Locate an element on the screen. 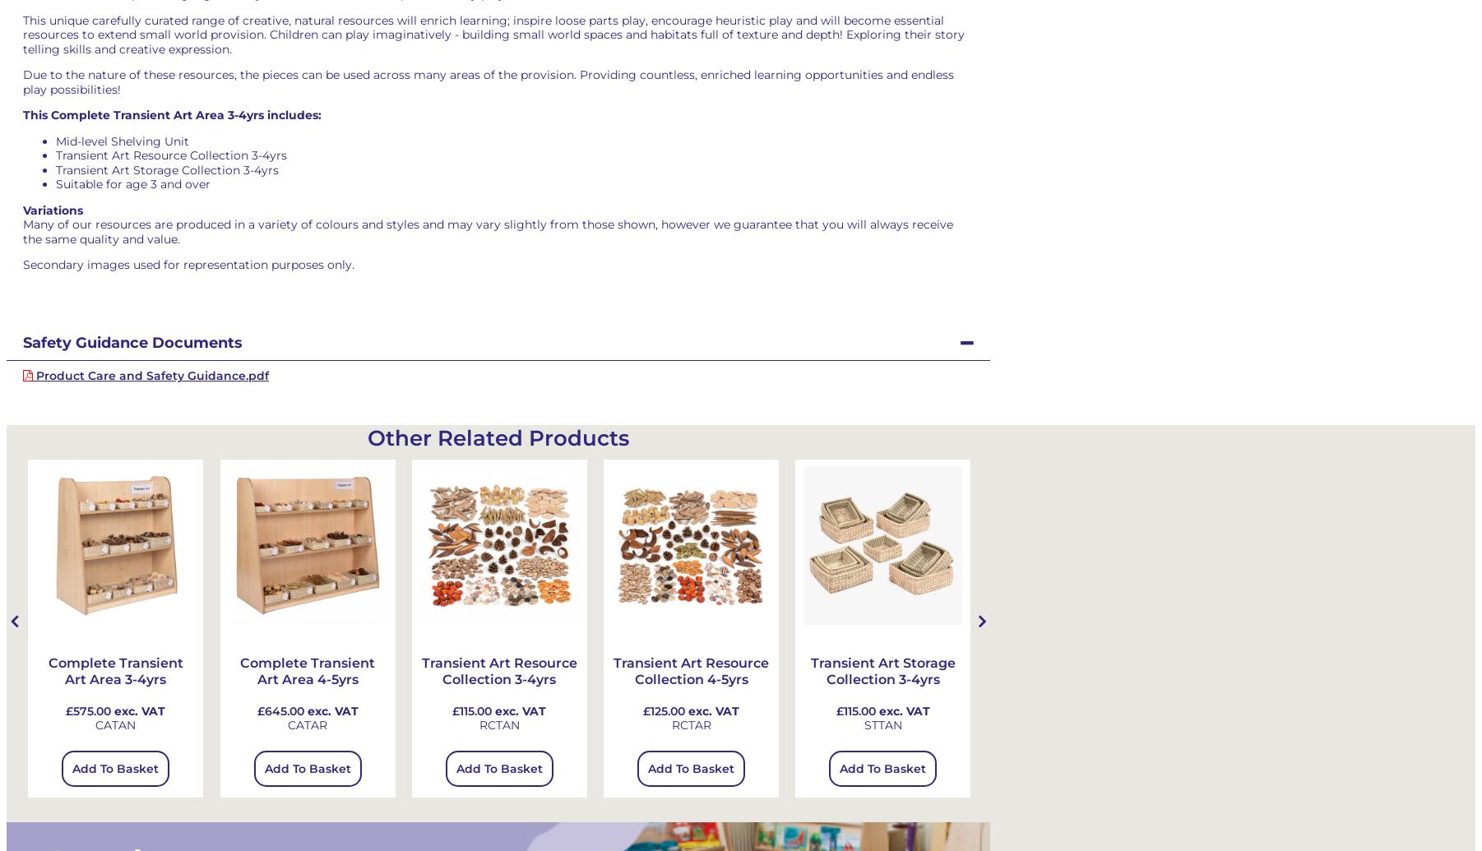  'RCTAN' is located at coordinates (498, 724).